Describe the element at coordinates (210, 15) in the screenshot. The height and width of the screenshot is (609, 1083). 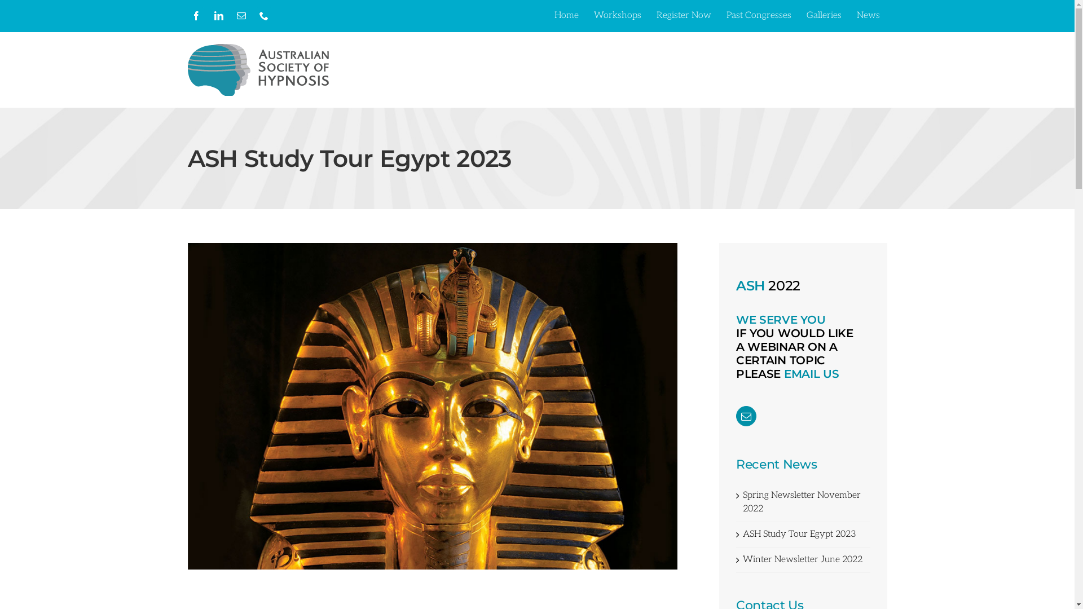
I see `'LinkedIn'` at that location.